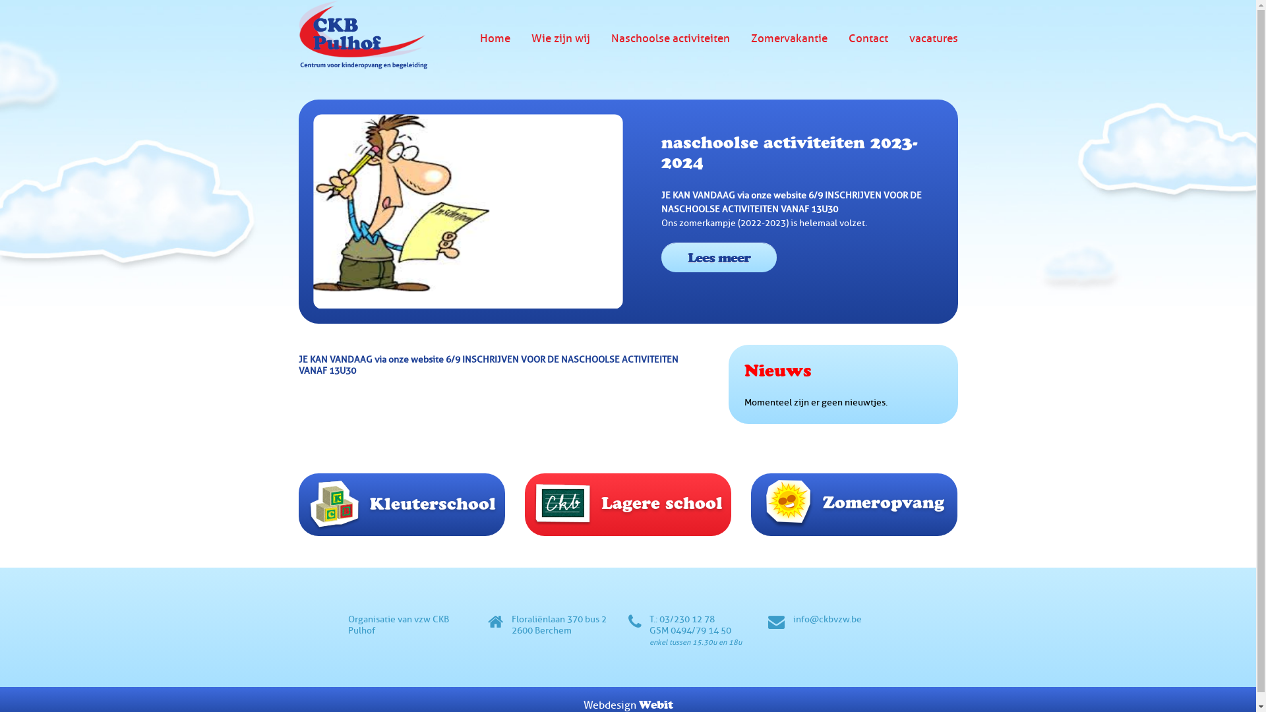 The image size is (1266, 712). I want to click on 'GSM 0494/79 14 50', so click(649, 630).